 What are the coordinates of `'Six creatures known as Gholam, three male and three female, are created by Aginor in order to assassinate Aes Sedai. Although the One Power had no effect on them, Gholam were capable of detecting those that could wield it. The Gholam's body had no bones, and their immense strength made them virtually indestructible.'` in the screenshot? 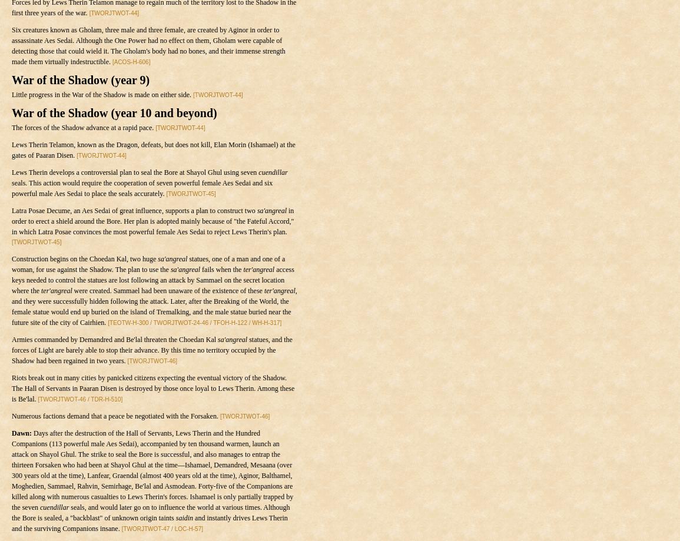 It's located at (11, 46).